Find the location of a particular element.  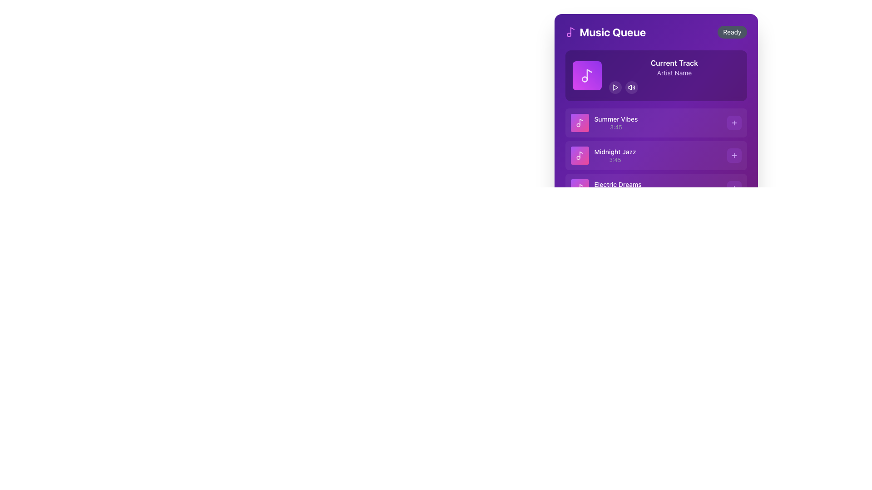

the '+' button on the 'Summer Vibes' track item in the 'Music Queue' section is located at coordinates (656, 122).